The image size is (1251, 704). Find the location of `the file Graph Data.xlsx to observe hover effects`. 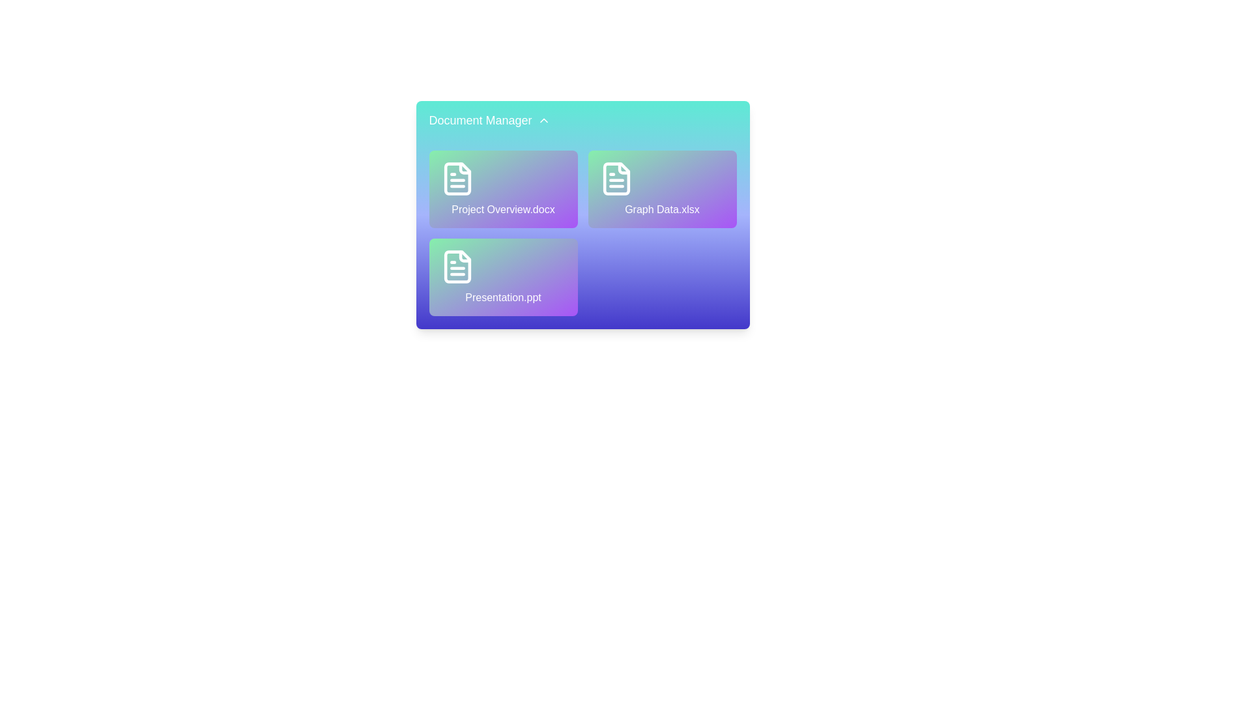

the file Graph Data.xlsx to observe hover effects is located at coordinates (662, 189).